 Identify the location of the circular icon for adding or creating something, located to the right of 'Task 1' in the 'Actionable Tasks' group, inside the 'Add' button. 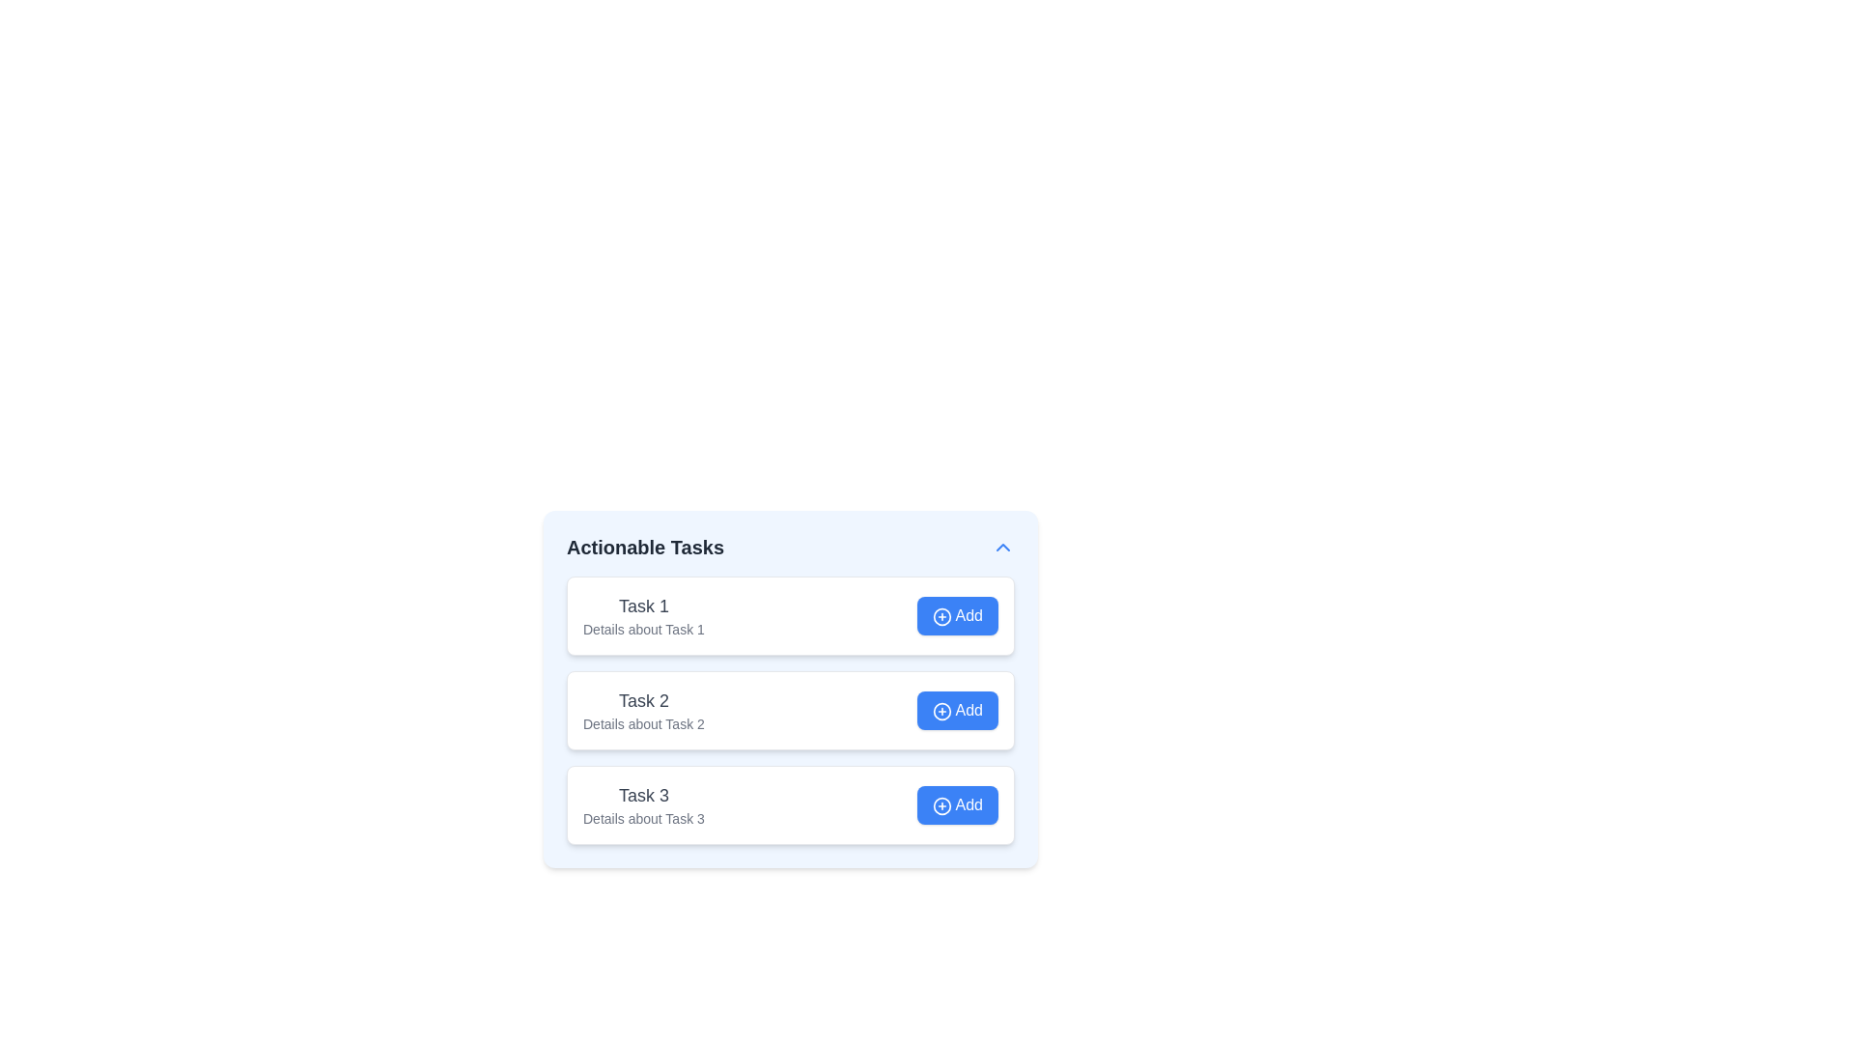
(941, 616).